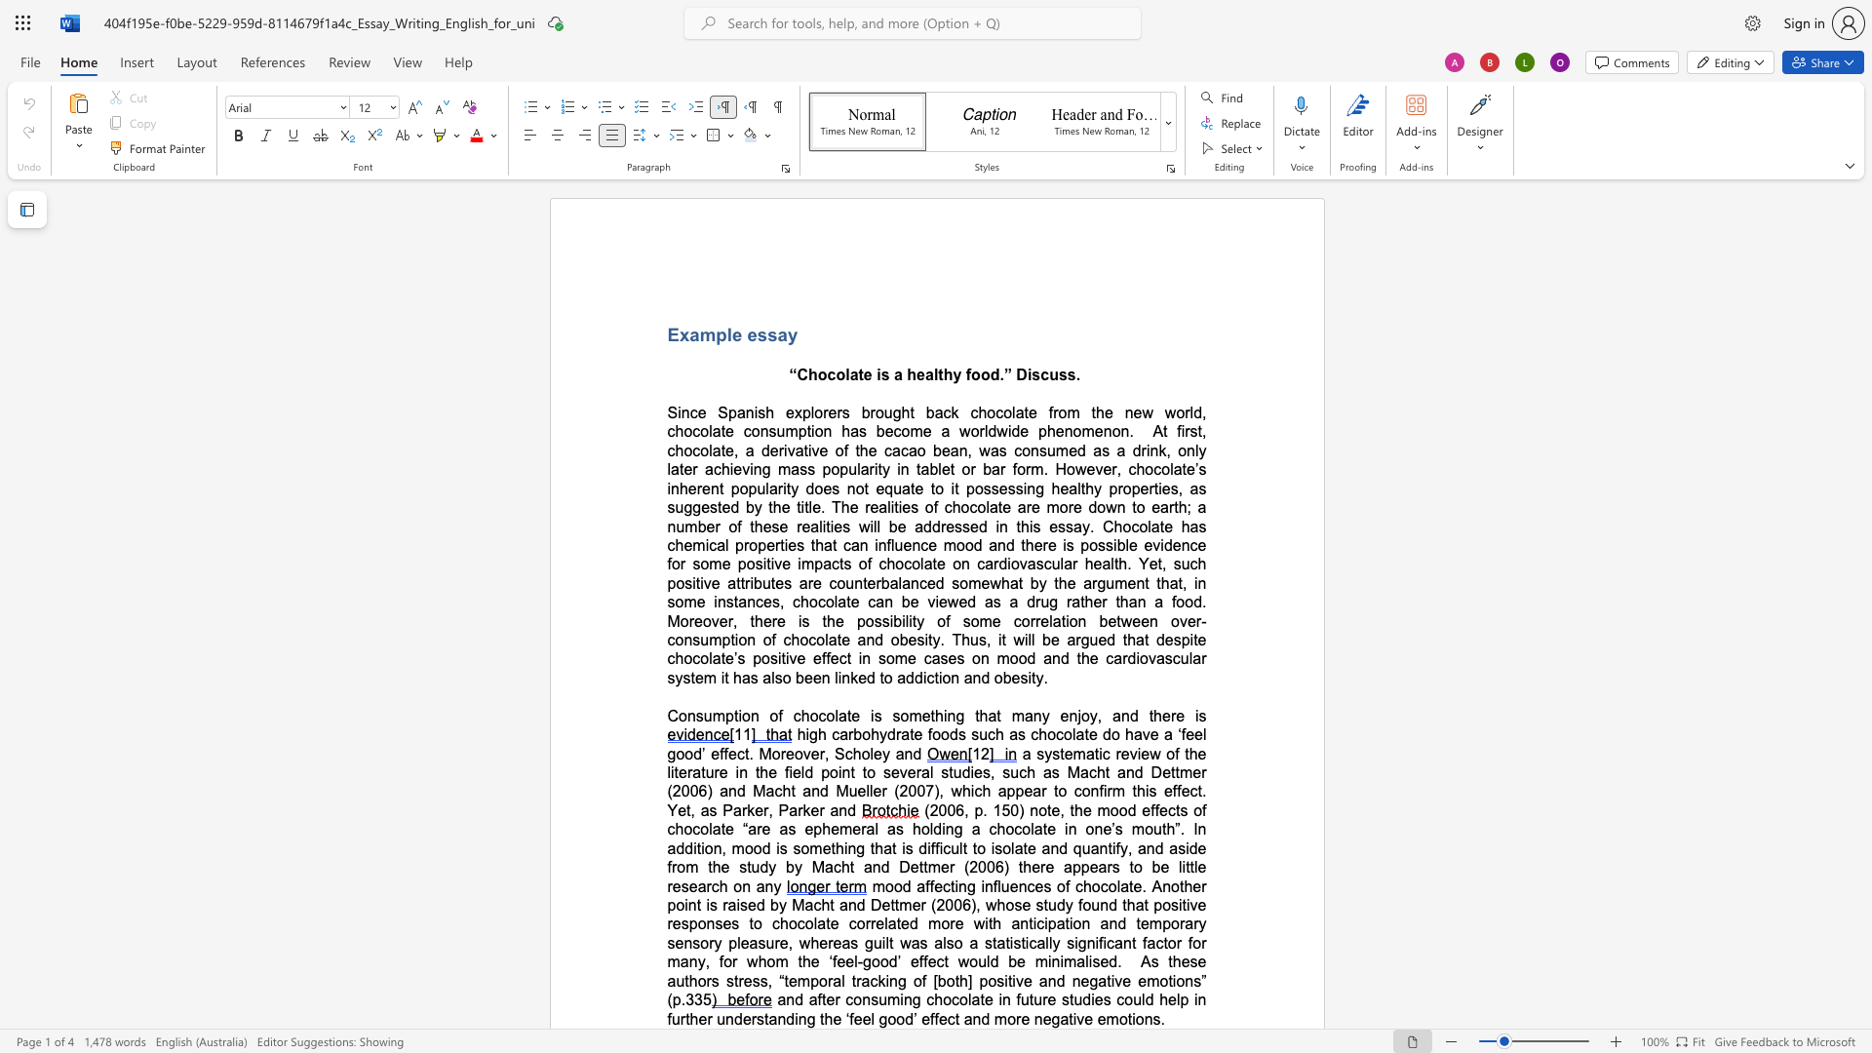  Describe the element at coordinates (980, 374) in the screenshot. I see `the space between the continuous character "o" and "o" in the text` at that location.